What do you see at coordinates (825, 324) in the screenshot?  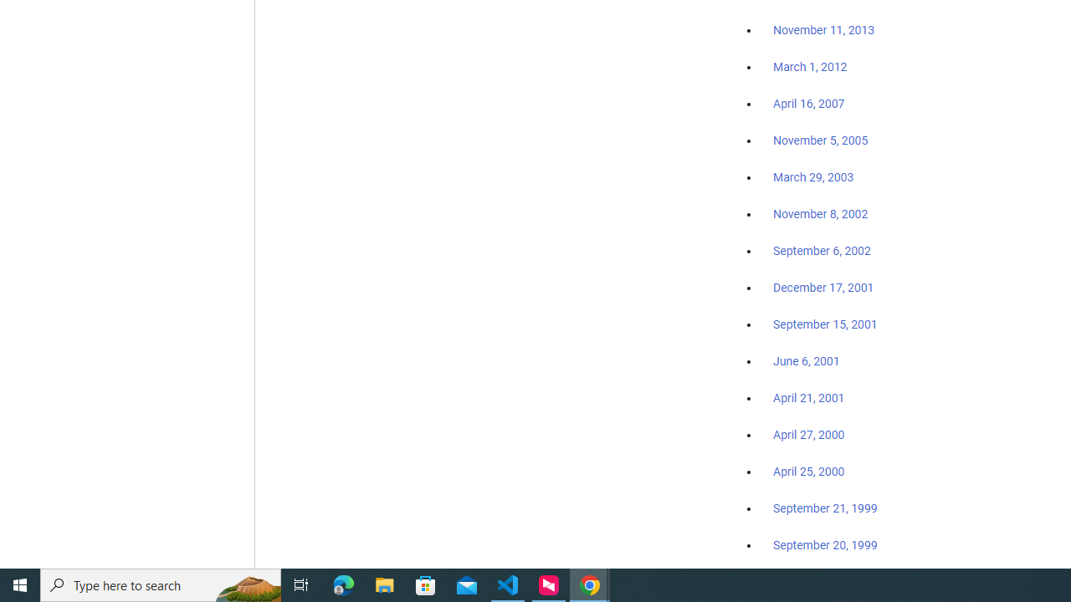 I see `'September 15, 2001'` at bounding box center [825, 324].